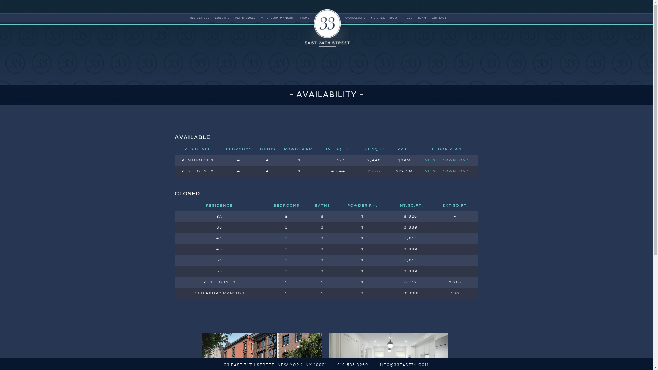  What do you see at coordinates (235, 18) in the screenshot?
I see `'PENTHOUSES'` at bounding box center [235, 18].